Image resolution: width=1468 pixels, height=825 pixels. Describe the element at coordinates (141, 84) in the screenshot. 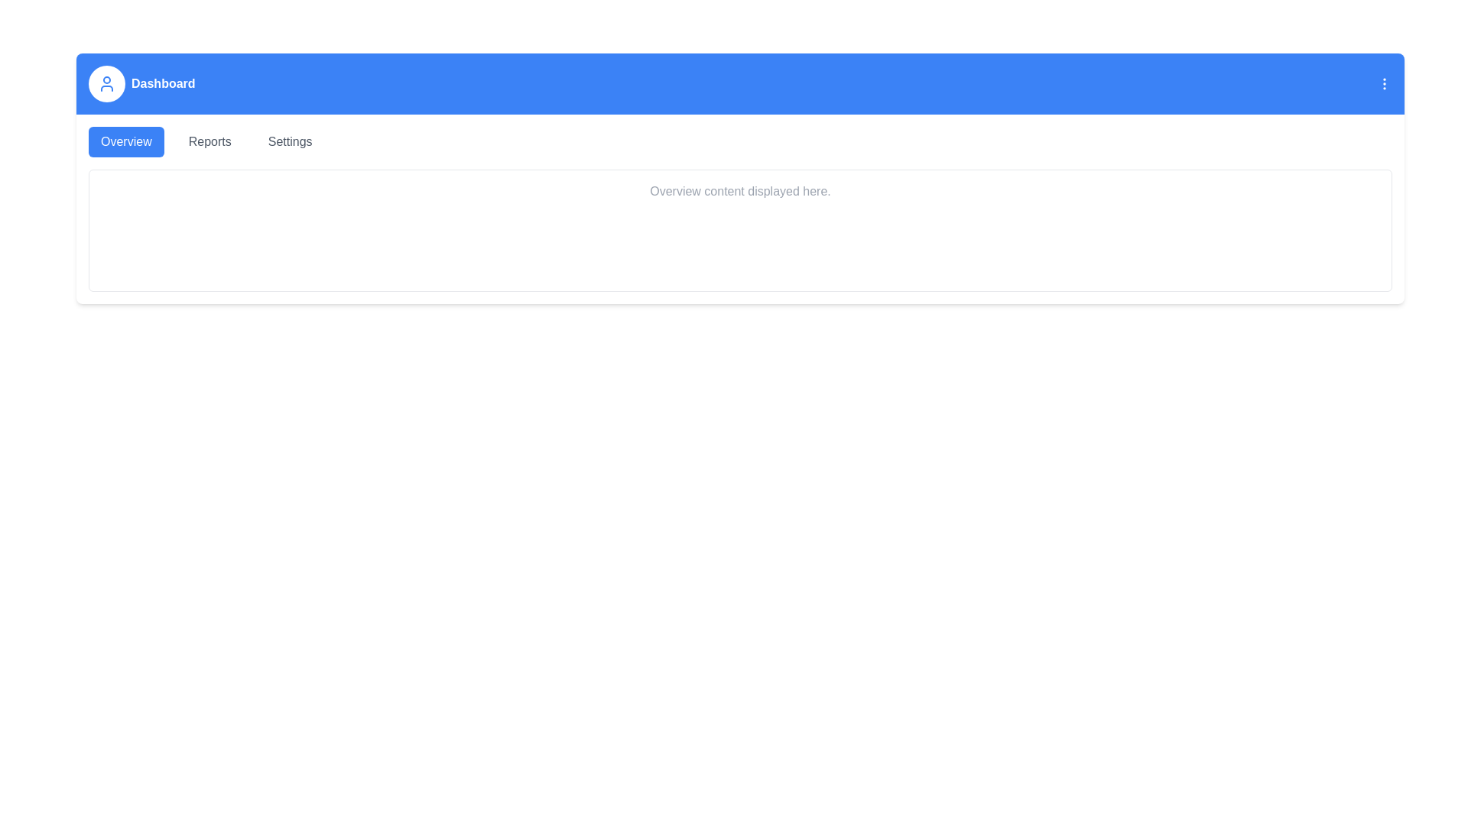

I see `the 'Dashboard' text label, which is styled in bold font, white color, and located adjacent to a circular user icon in the top-left section of a blue header bar` at that location.